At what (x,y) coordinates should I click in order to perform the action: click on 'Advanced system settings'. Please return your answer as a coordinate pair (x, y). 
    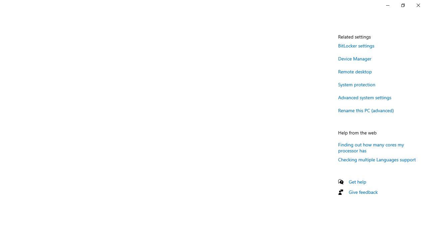
    Looking at the image, I should click on (364, 97).